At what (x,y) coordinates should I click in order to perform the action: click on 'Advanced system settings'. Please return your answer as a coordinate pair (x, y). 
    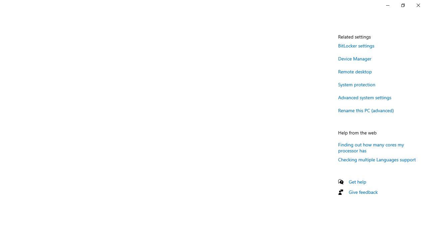
    Looking at the image, I should click on (364, 97).